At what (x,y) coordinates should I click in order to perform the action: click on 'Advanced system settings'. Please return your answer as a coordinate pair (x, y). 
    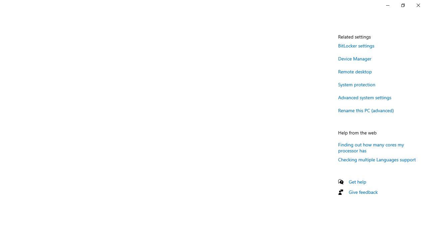
    Looking at the image, I should click on (364, 97).